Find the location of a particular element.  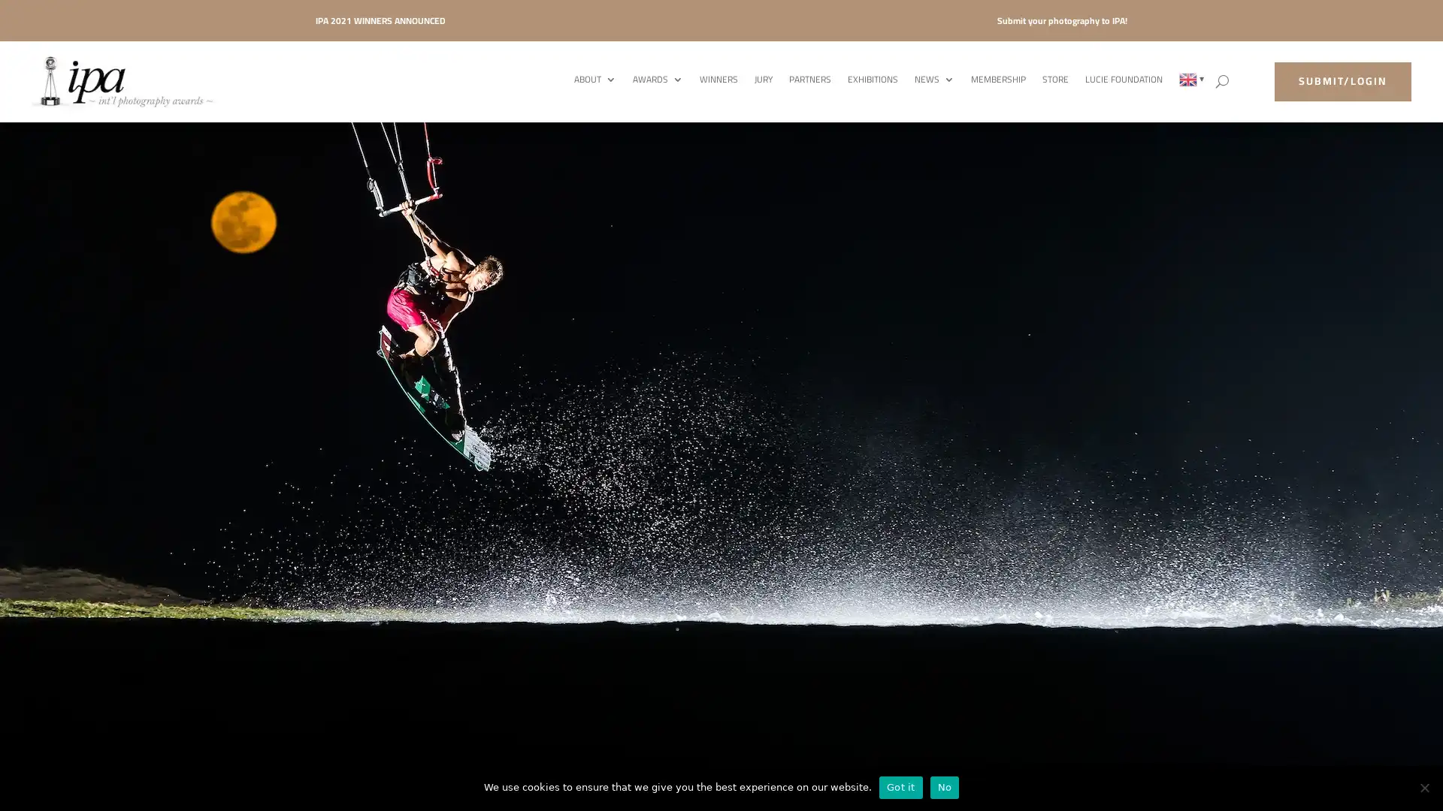

U is located at coordinates (1222, 81).